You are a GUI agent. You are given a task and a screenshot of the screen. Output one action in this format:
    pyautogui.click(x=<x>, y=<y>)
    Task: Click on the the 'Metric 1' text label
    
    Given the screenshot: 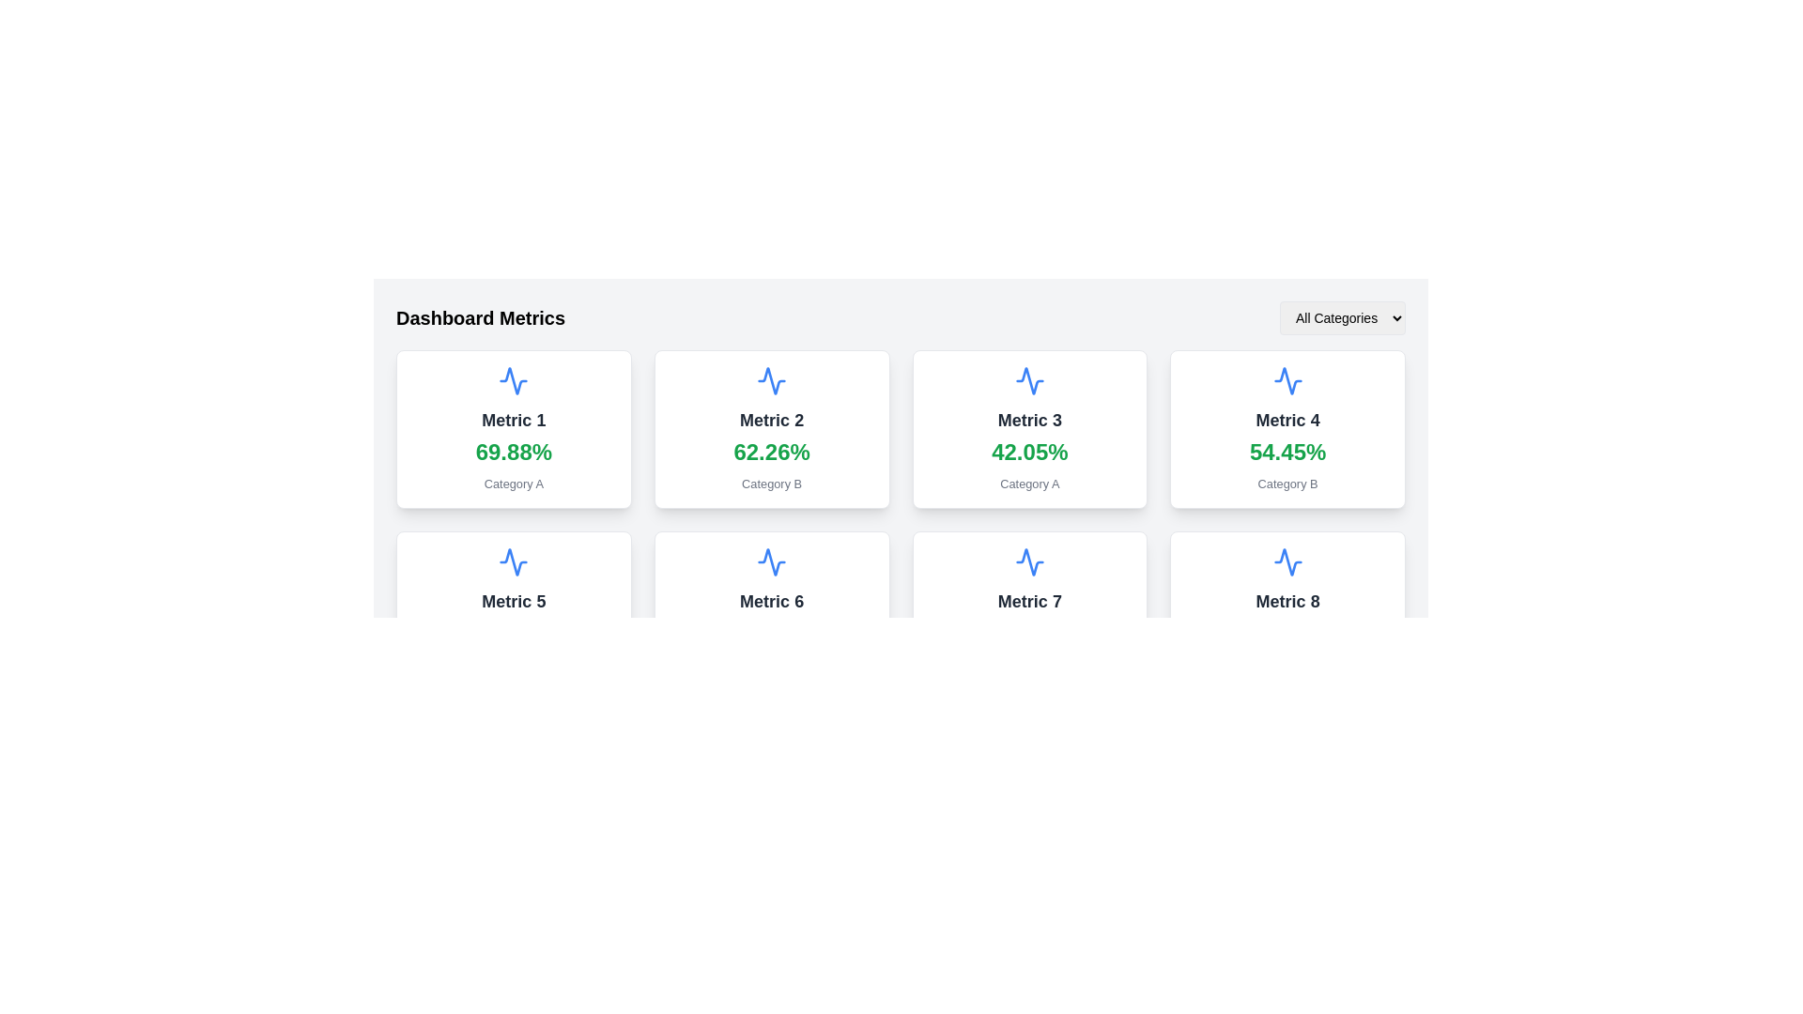 What is the action you would take?
    pyautogui.click(x=514, y=419)
    